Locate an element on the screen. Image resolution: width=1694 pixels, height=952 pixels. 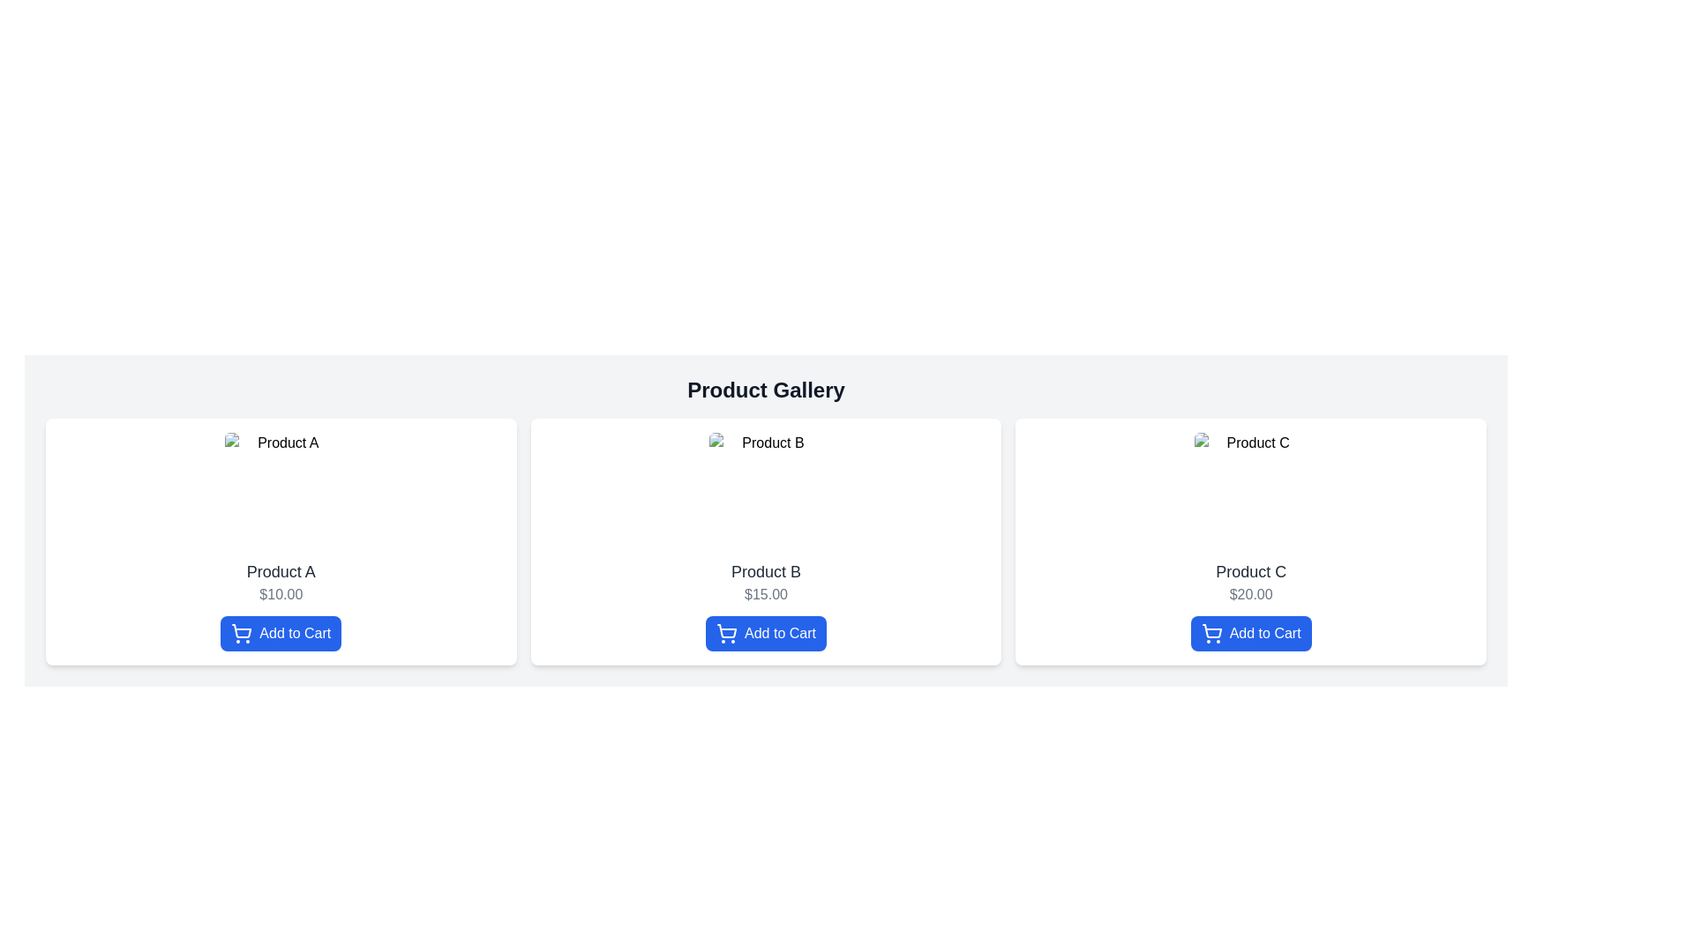
the price label displaying '$10.00', which is located beneath the title 'Product A' and above the 'Add to Cart' button is located at coordinates (280, 595).